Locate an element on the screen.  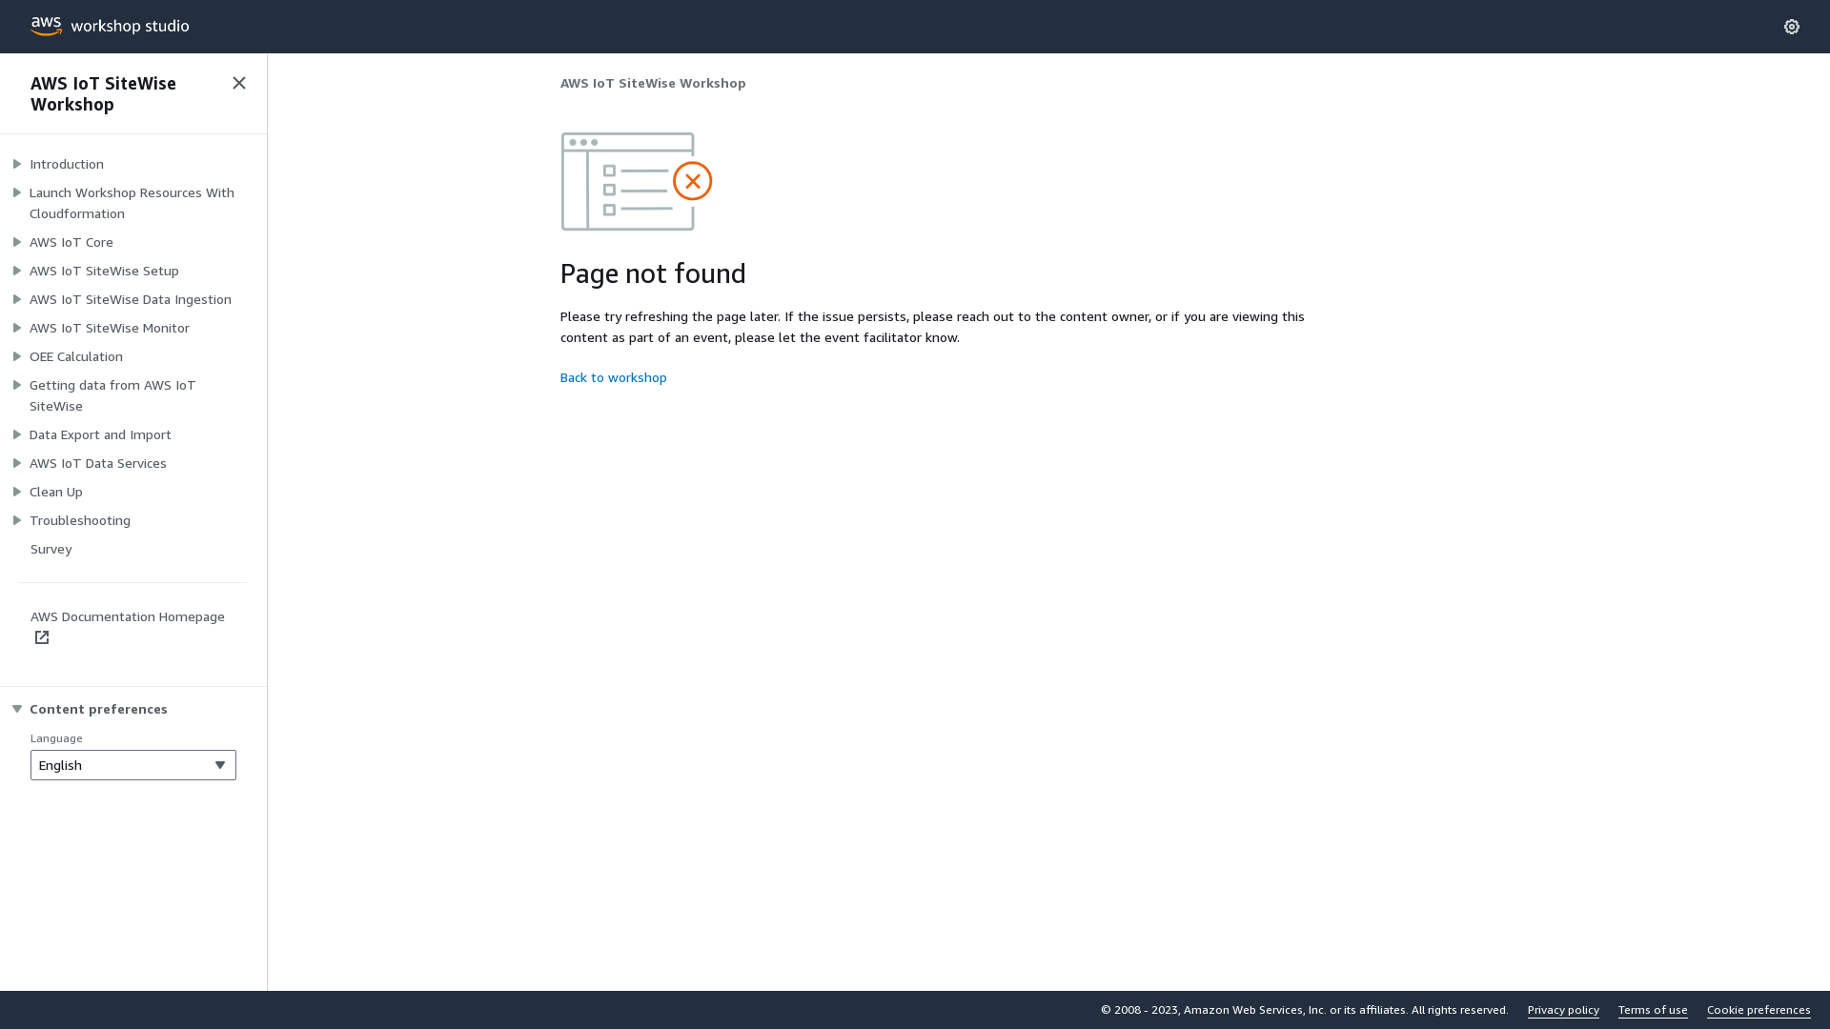
'Launch Workshop Resources With Cloudformation' is located at coordinates (29, 202).